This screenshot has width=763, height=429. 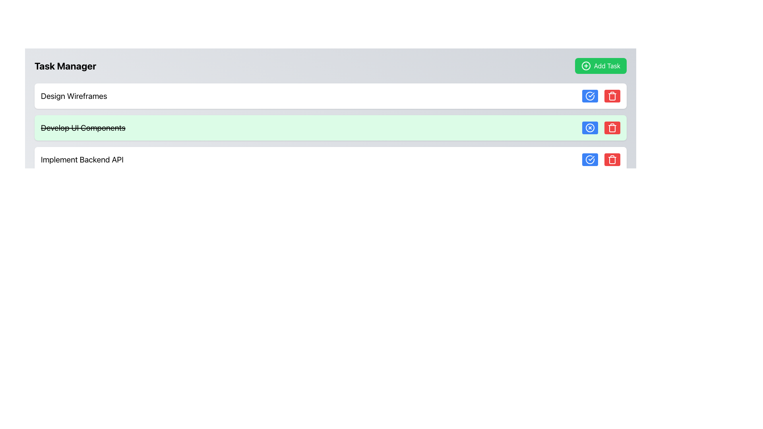 I want to click on the small rectangular blue button with a white cross mark icon, located in the second row of the task list, so click(x=590, y=127).